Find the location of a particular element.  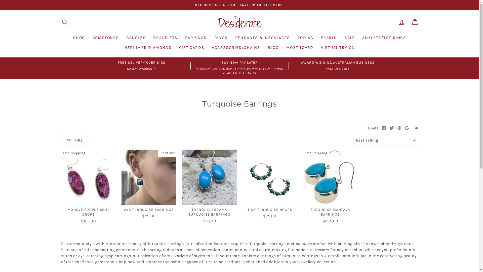

'SEARCH' is located at coordinates (58, 22).